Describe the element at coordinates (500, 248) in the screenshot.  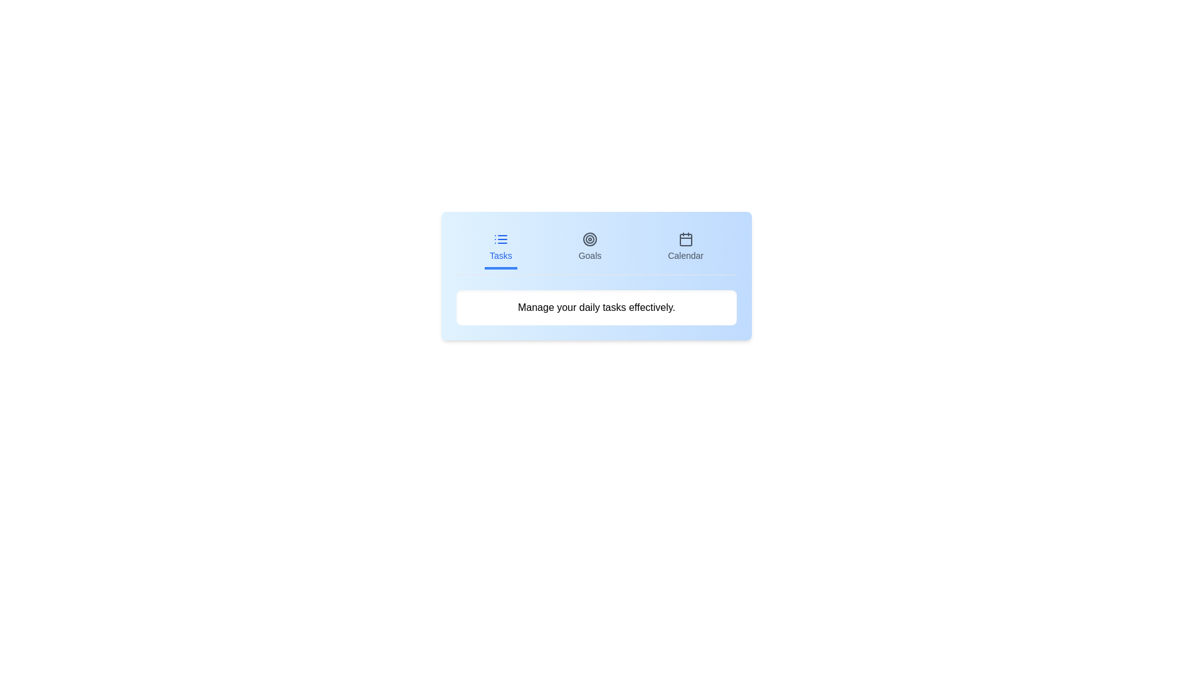
I see `the Tasks tab by clicking on its title or icon` at that location.